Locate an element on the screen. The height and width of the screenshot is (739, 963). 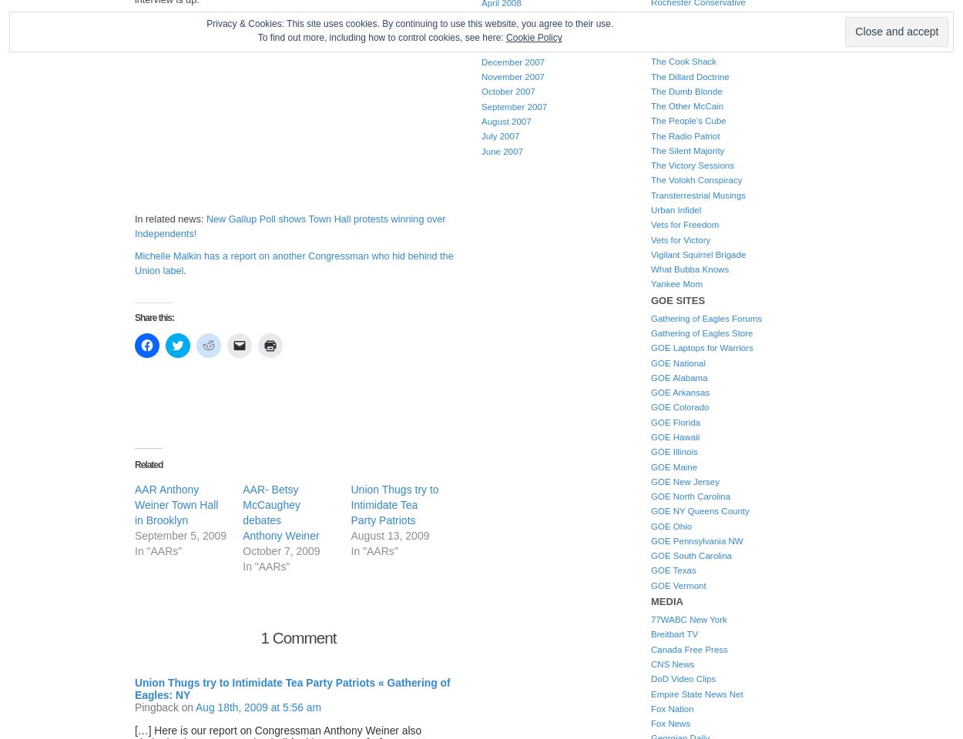
'Related' is located at coordinates (148, 463).